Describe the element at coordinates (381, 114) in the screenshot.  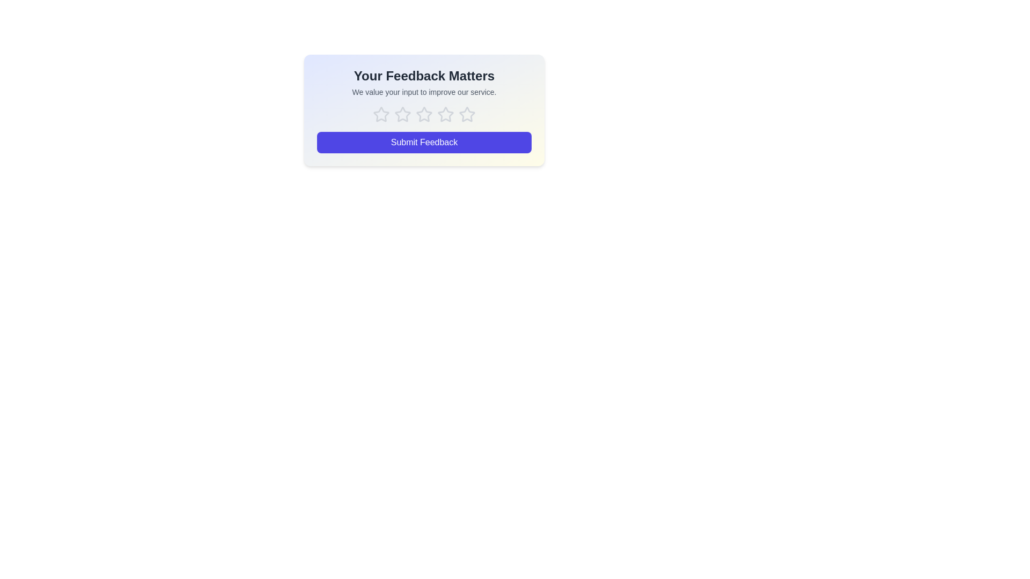
I see `the first rating star icon, which is styled with a gray outline indicating it is not selected` at that location.